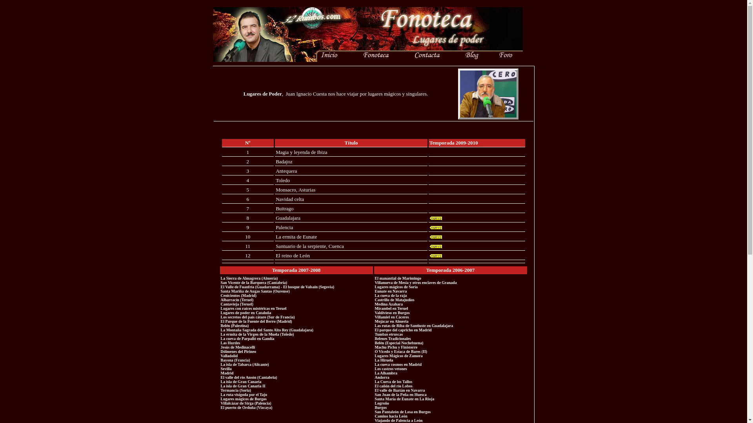  Describe the element at coordinates (374, 364) in the screenshot. I see `'La cueva cosmos en Madrid '` at that location.